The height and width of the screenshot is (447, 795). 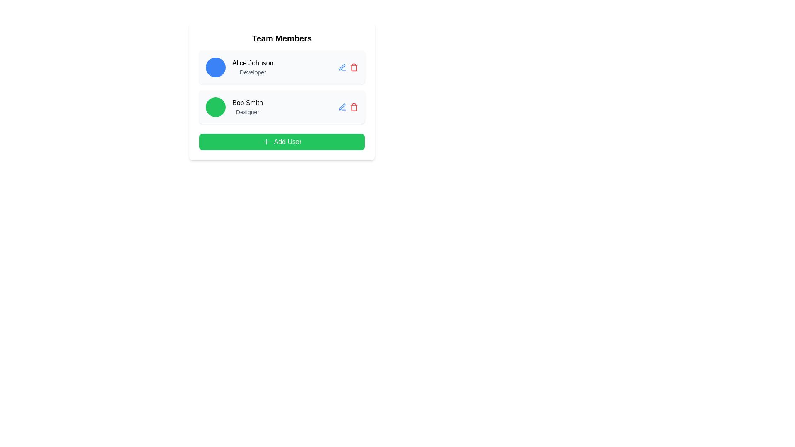 I want to click on the green 'Add User' button located below the 'Team Members' section, so click(x=282, y=142).